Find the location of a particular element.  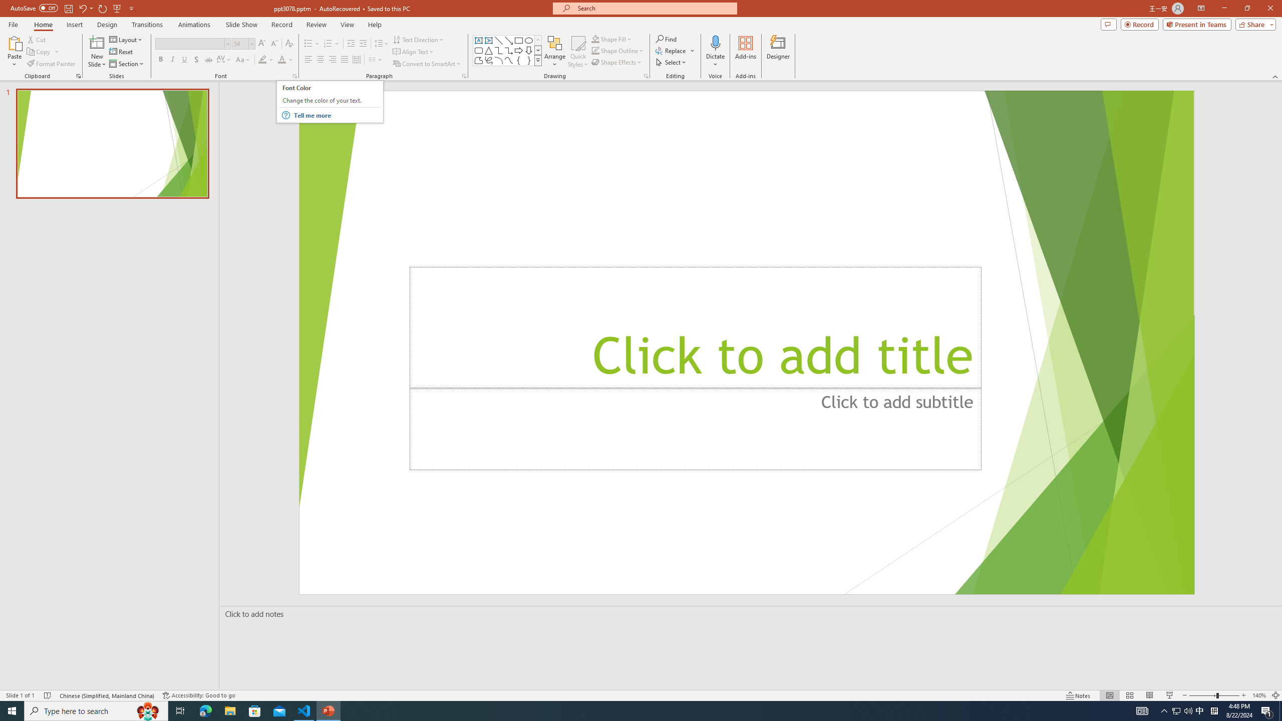

'Freeform: Scribble' is located at coordinates (488, 60).